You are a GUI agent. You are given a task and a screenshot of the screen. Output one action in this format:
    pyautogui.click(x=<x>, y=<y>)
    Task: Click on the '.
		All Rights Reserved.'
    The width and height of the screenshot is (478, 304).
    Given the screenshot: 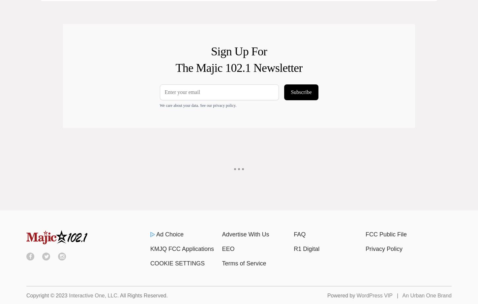 What is the action you would take?
    pyautogui.click(x=142, y=295)
    